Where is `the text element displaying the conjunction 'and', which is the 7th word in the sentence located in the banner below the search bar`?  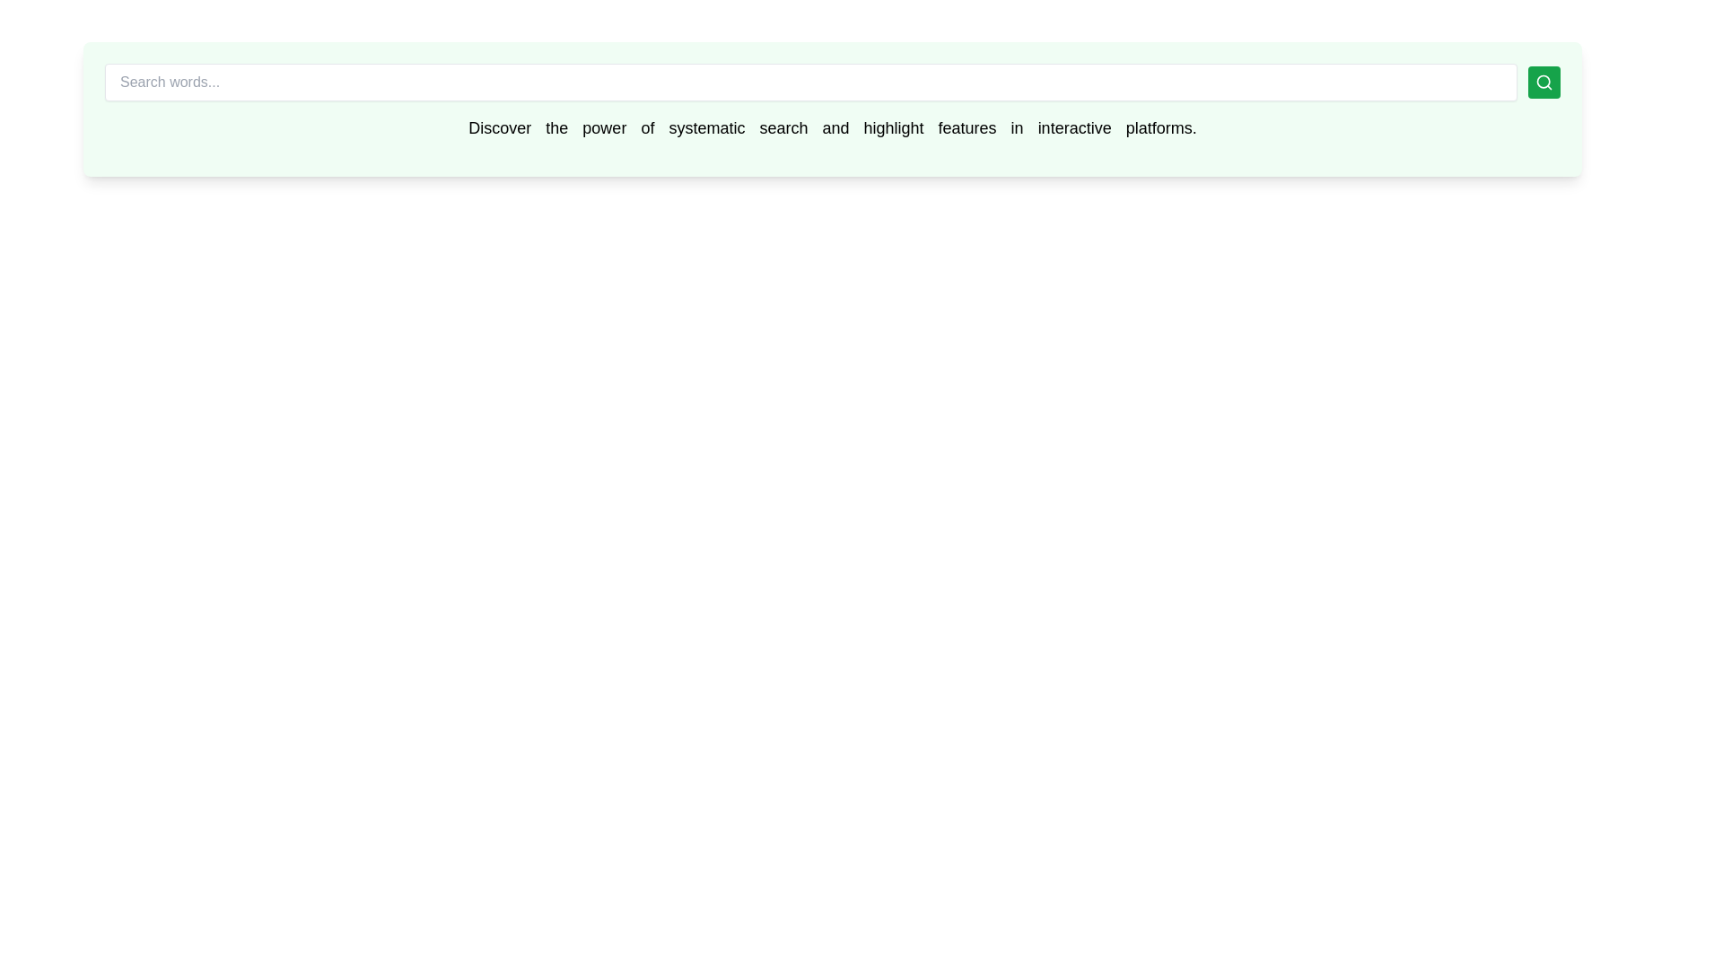 the text element displaying the conjunction 'and', which is the 7th word in the sentence located in the banner below the search bar is located at coordinates (835, 127).